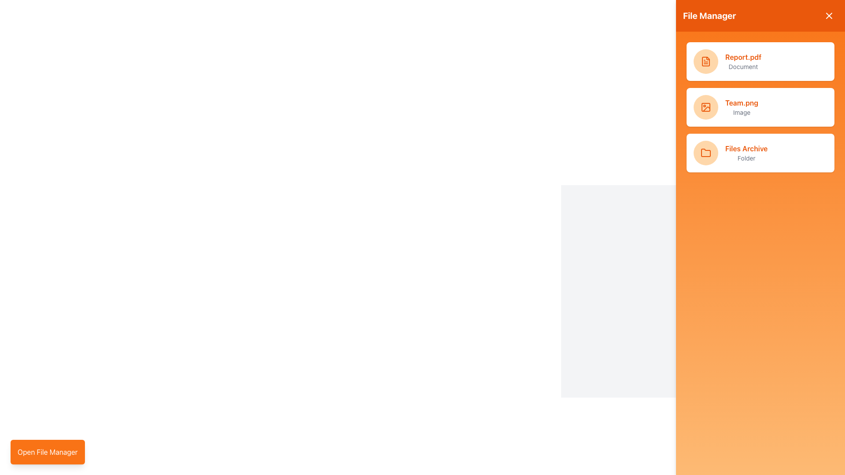  What do you see at coordinates (828, 15) in the screenshot?
I see `the 'X' icon located at the upper-right corner of the File Manager panel, which is used for closing or dismissing the panel` at bounding box center [828, 15].